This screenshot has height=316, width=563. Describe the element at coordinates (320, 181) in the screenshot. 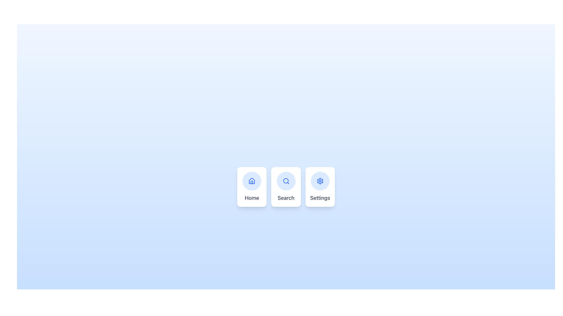

I see `the settings icon, represented by a cogwheel symbol, located at the top center of the third card labeled 'Settings'` at that location.